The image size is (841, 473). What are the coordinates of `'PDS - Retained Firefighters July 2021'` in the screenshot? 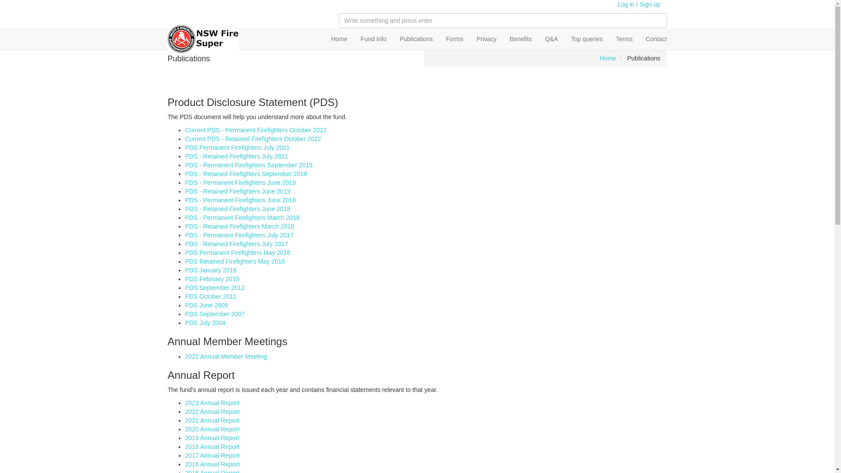 It's located at (236, 156).